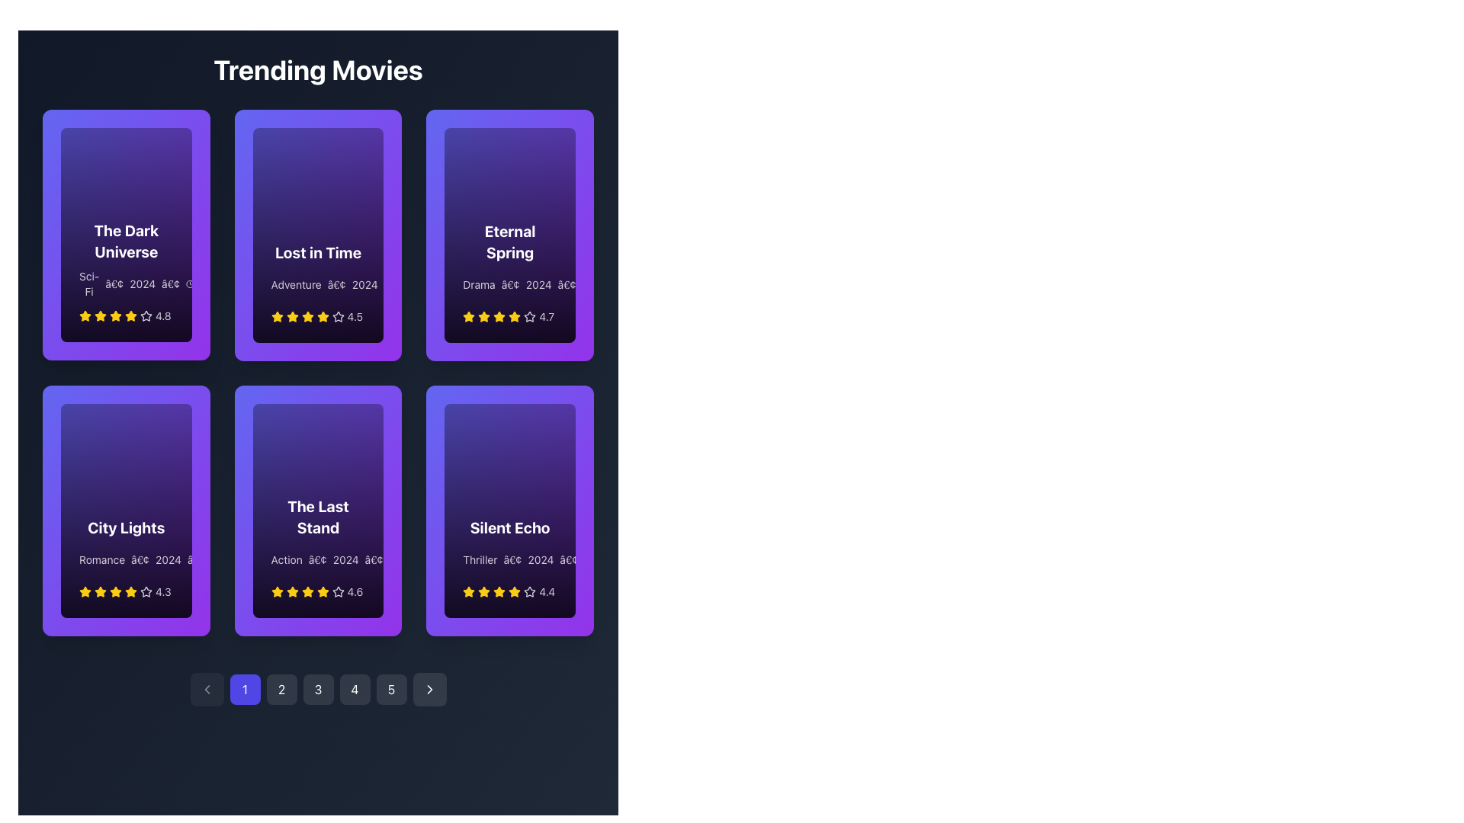 The height and width of the screenshot is (823, 1464). Describe the element at coordinates (499, 315) in the screenshot. I see `the decorative star icon with a yellow fill located under the movie card titled 'Eternal Spring' in the second row of rating stars` at that location.